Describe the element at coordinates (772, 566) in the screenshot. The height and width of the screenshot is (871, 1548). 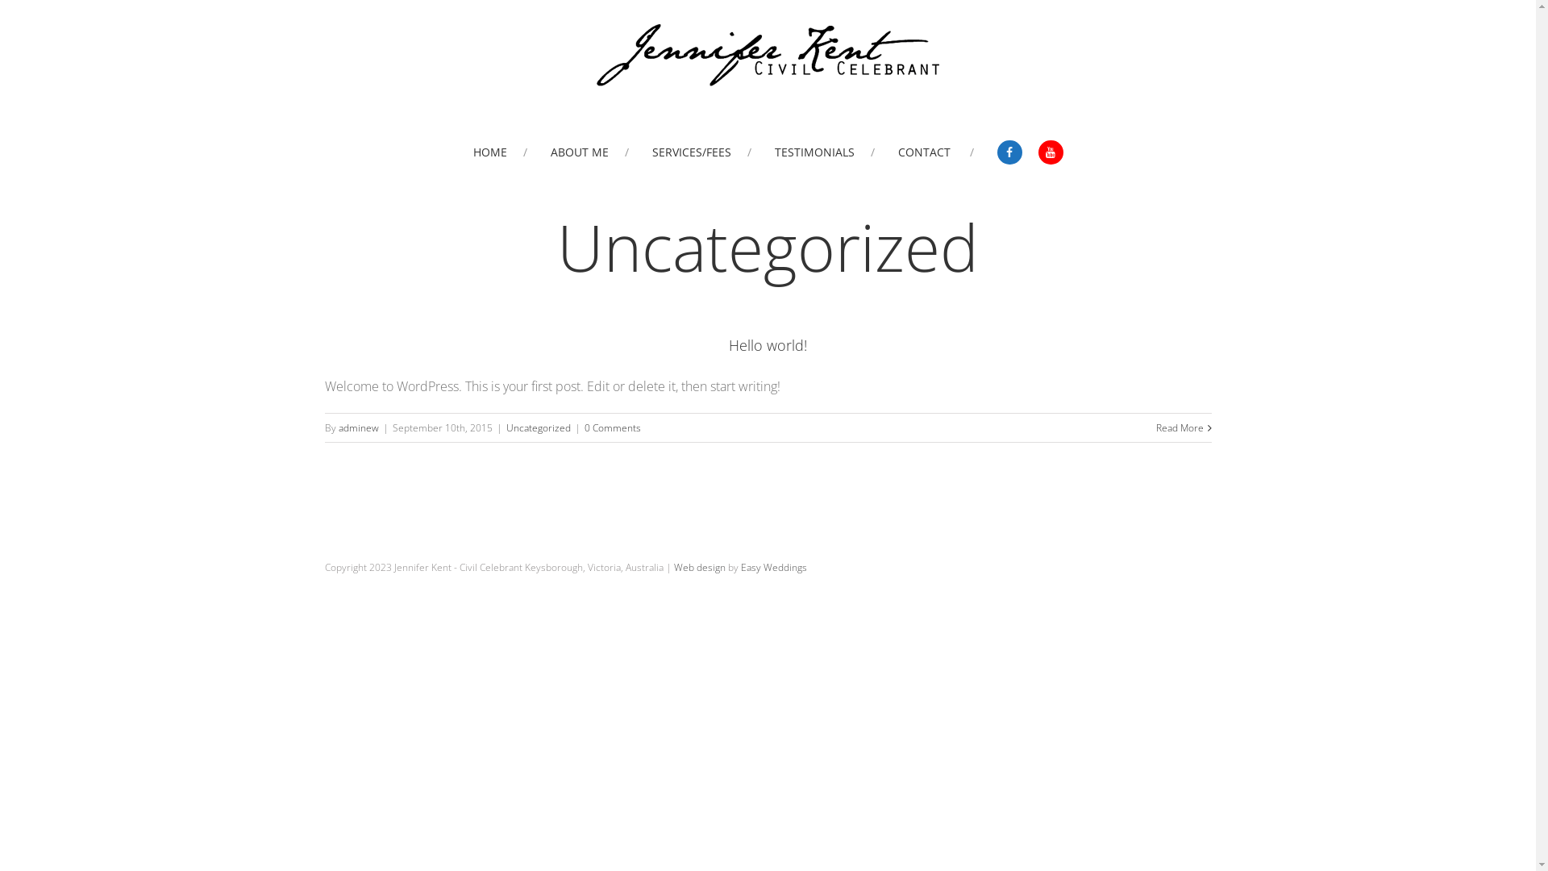
I see `'Easy Weddings'` at that location.